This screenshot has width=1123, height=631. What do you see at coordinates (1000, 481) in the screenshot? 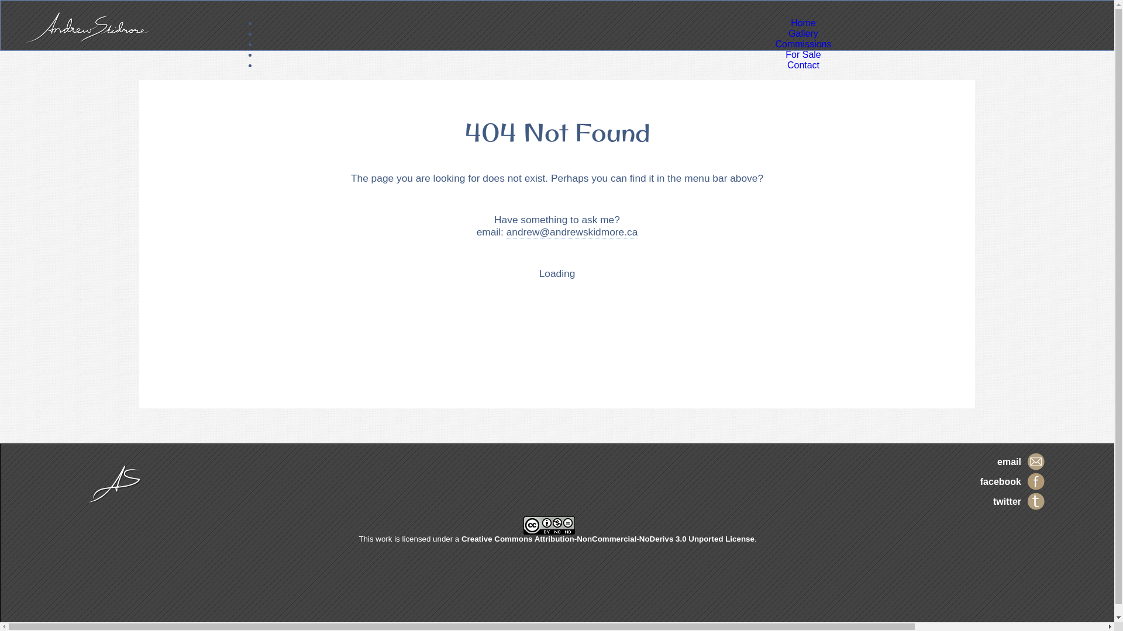
I see `'facebook'` at bounding box center [1000, 481].